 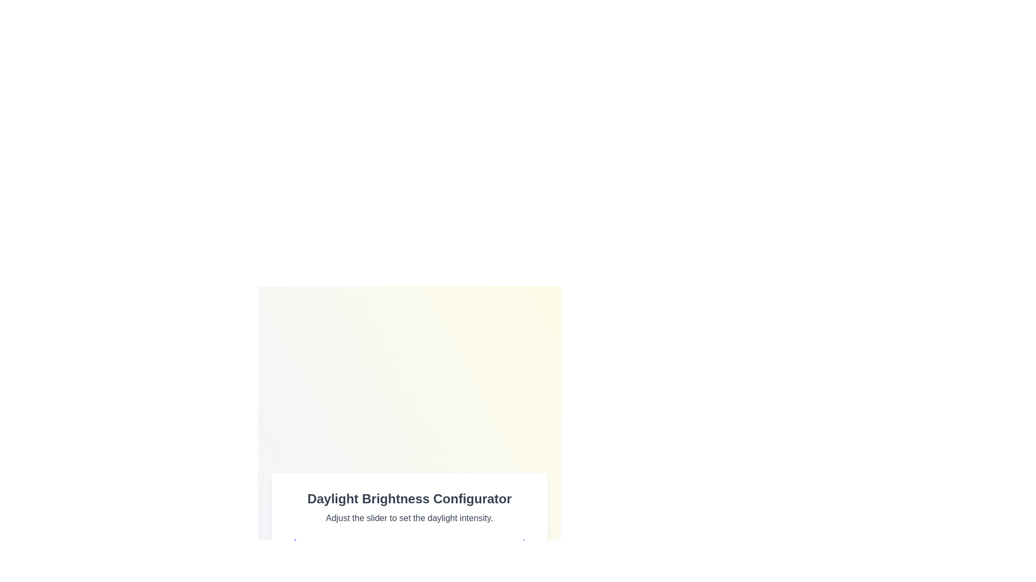 What do you see at coordinates (503, 569) in the screenshot?
I see `the brightness slider to set the daylight intensity to 89%` at bounding box center [503, 569].